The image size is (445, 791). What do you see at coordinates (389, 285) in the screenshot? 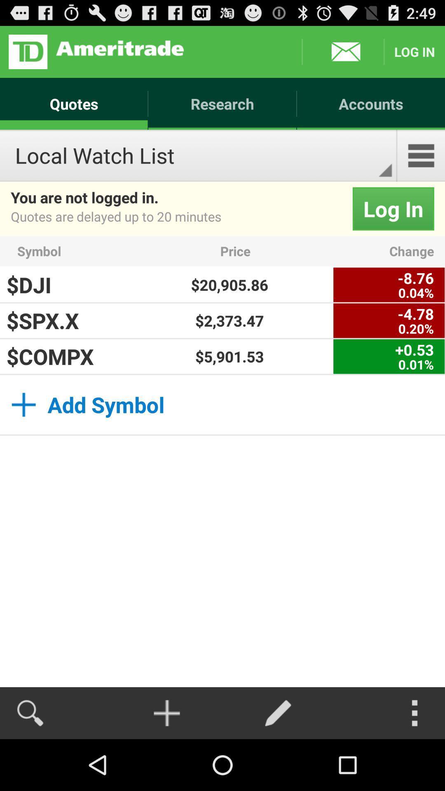
I see `item below the change icon` at bounding box center [389, 285].